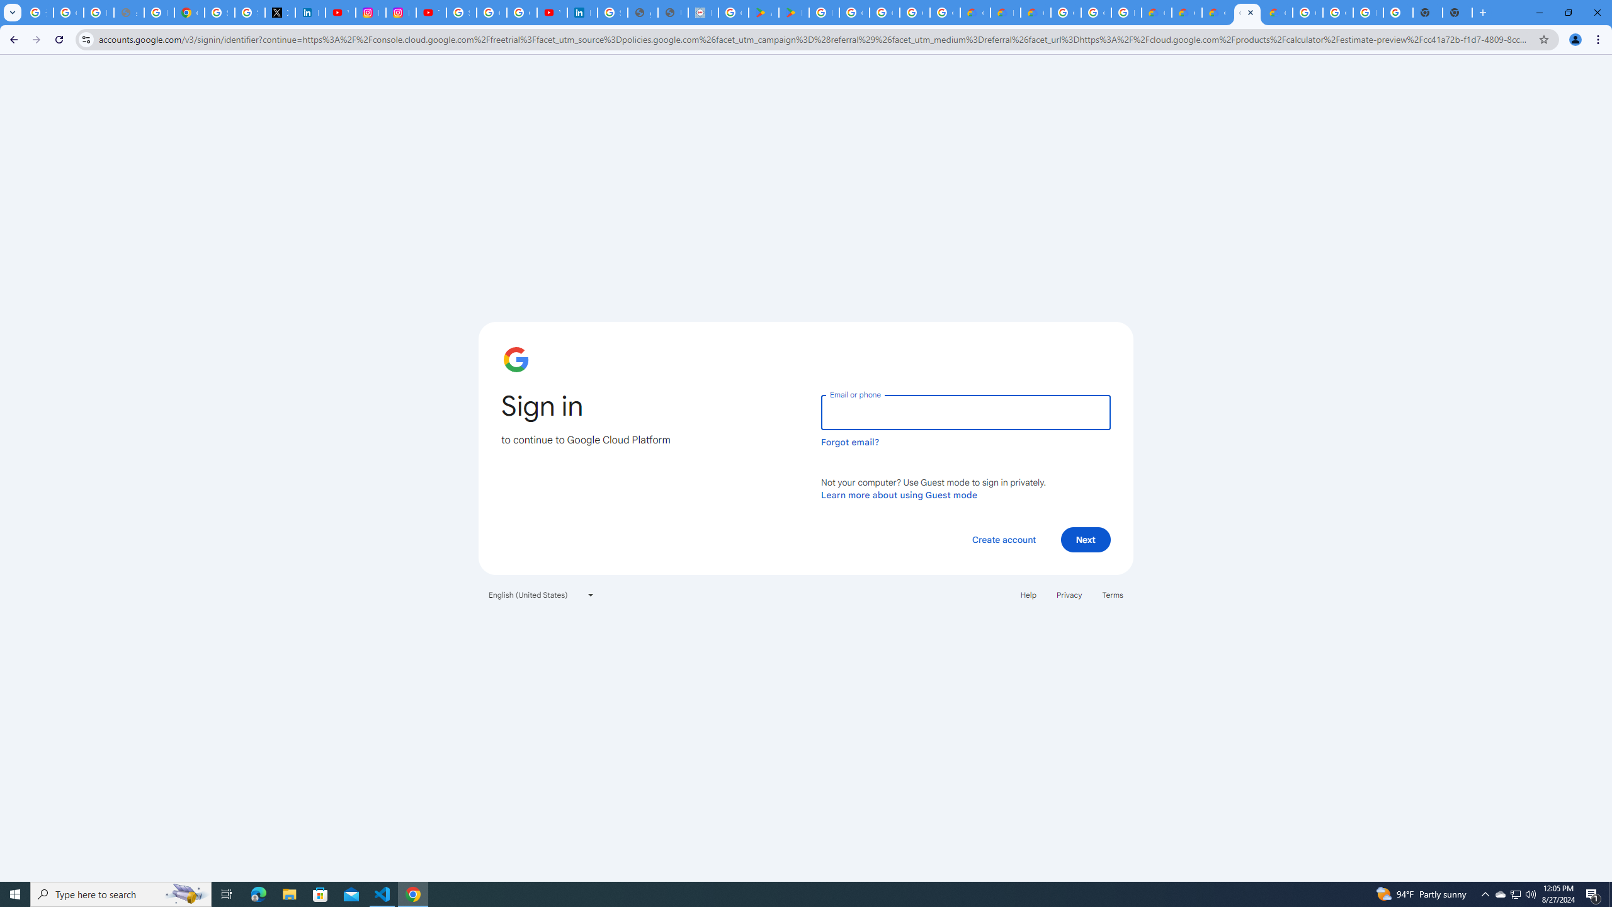  What do you see at coordinates (339, 12) in the screenshot?
I see `'YouTube Content Monetization Policies - How YouTube Works'` at bounding box center [339, 12].